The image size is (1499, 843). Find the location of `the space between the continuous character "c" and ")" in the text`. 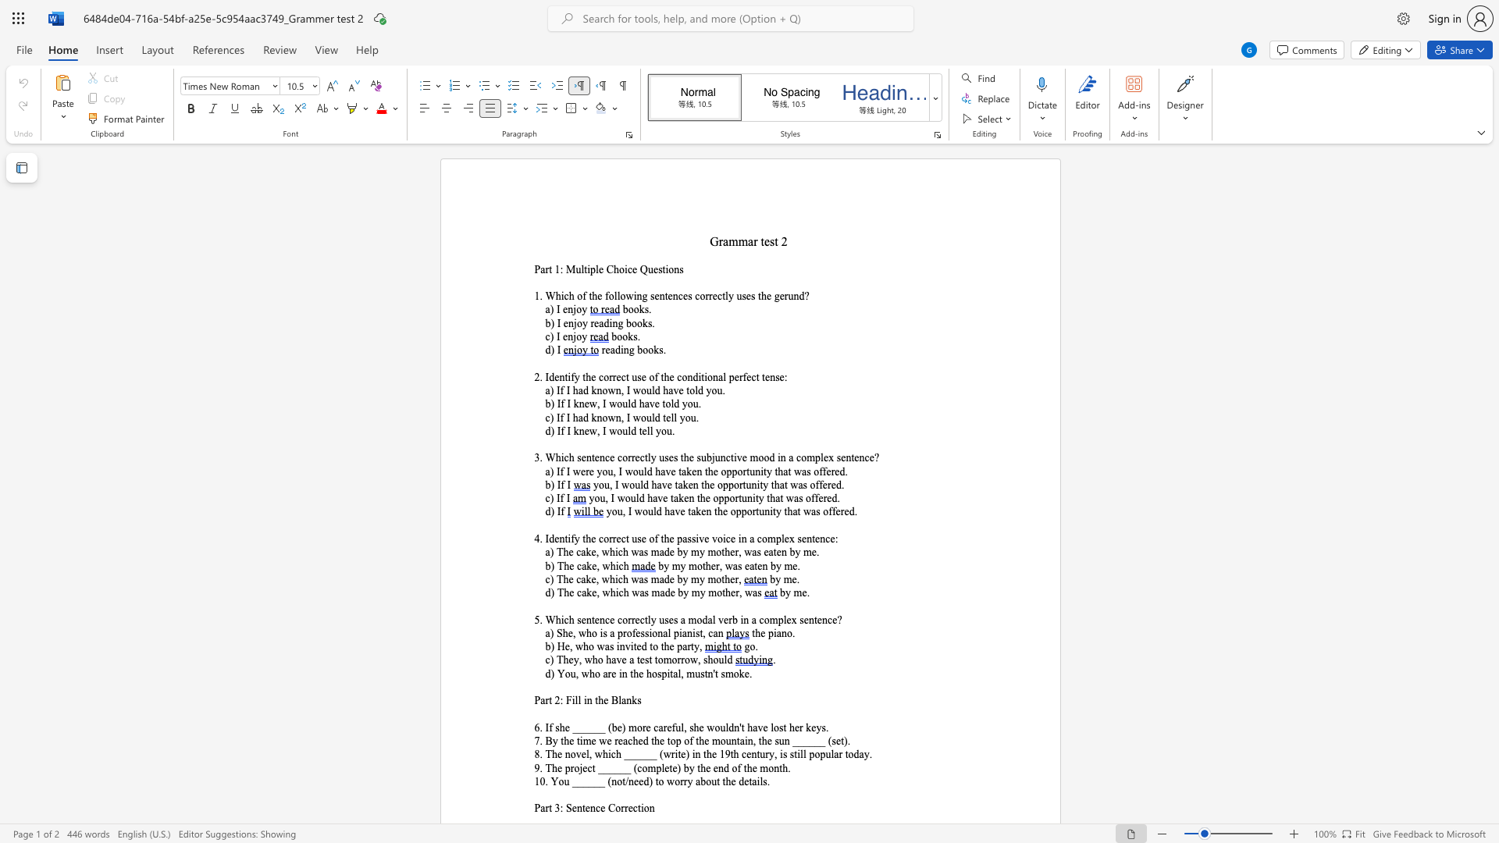

the space between the continuous character "c" and ")" in the text is located at coordinates (550, 498).